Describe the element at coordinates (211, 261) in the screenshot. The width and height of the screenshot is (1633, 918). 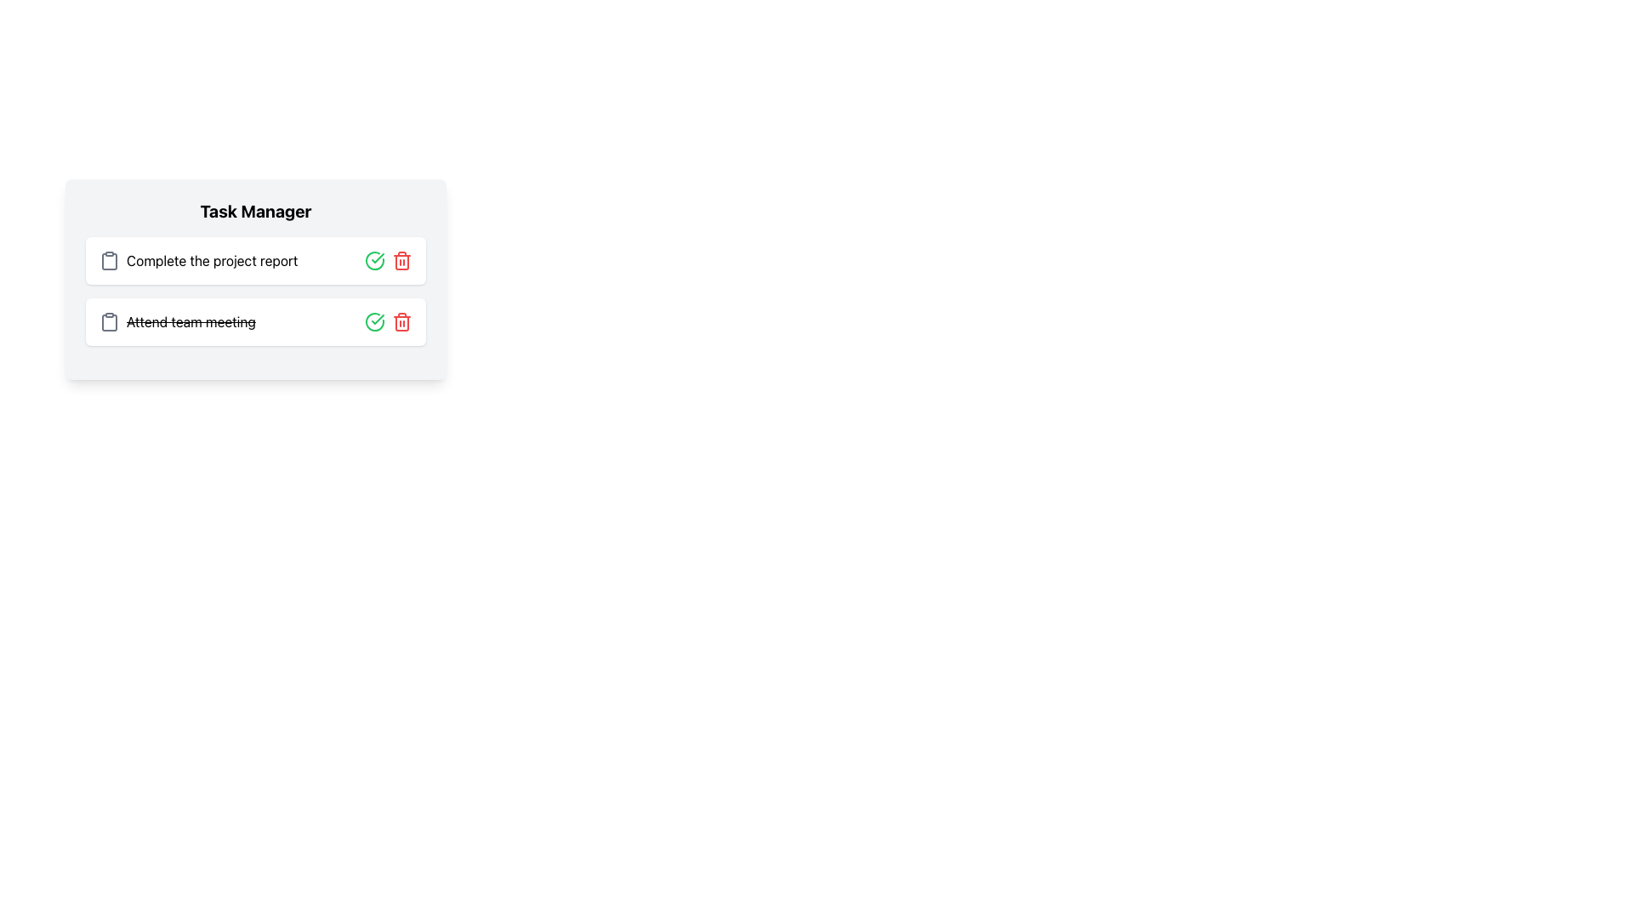
I see `text from the static label that displays 'Complete the project report', located within the first task item in the task manager interface` at that location.